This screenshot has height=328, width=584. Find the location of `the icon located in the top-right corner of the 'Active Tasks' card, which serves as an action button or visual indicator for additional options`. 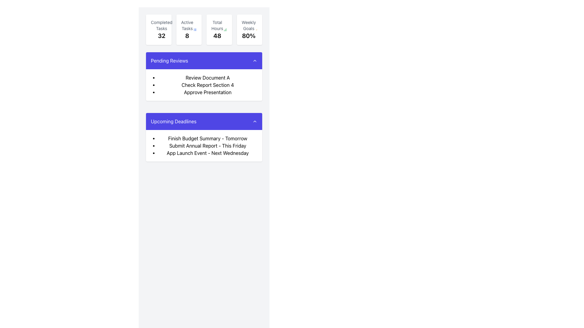

the icon located in the top-right corner of the 'Active Tasks' card, which serves as an action button or visual indicator for additional options is located at coordinates (195, 29).